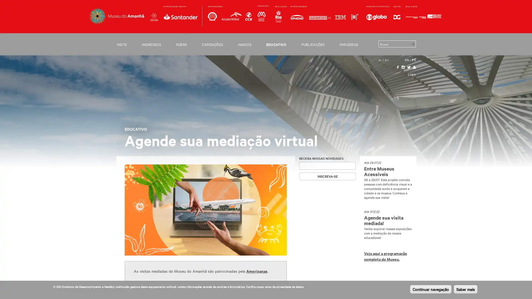 The width and height of the screenshot is (532, 299). Describe the element at coordinates (465, 289) in the screenshot. I see `Saber mais` at that location.